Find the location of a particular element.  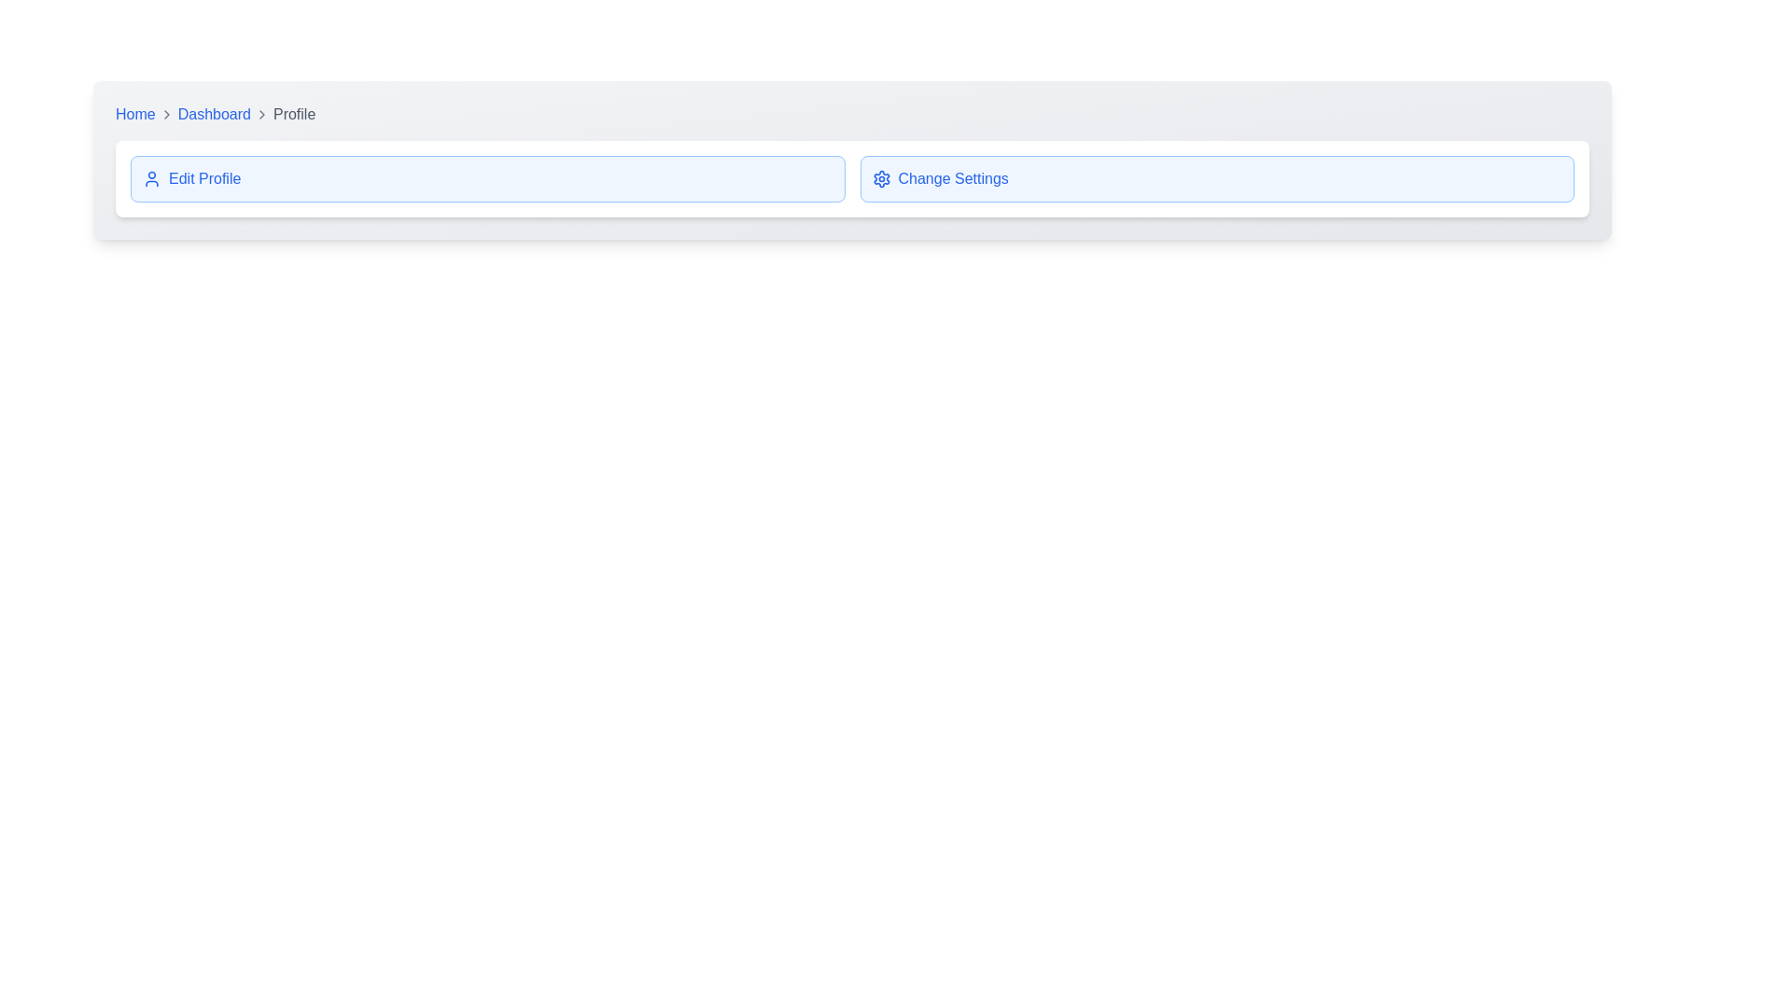

the 'Dashboard' hyperlink, which is styled with blue text and an underline, located on the top navigation bar between 'Home' and 'Profile' is located at coordinates (214, 115).